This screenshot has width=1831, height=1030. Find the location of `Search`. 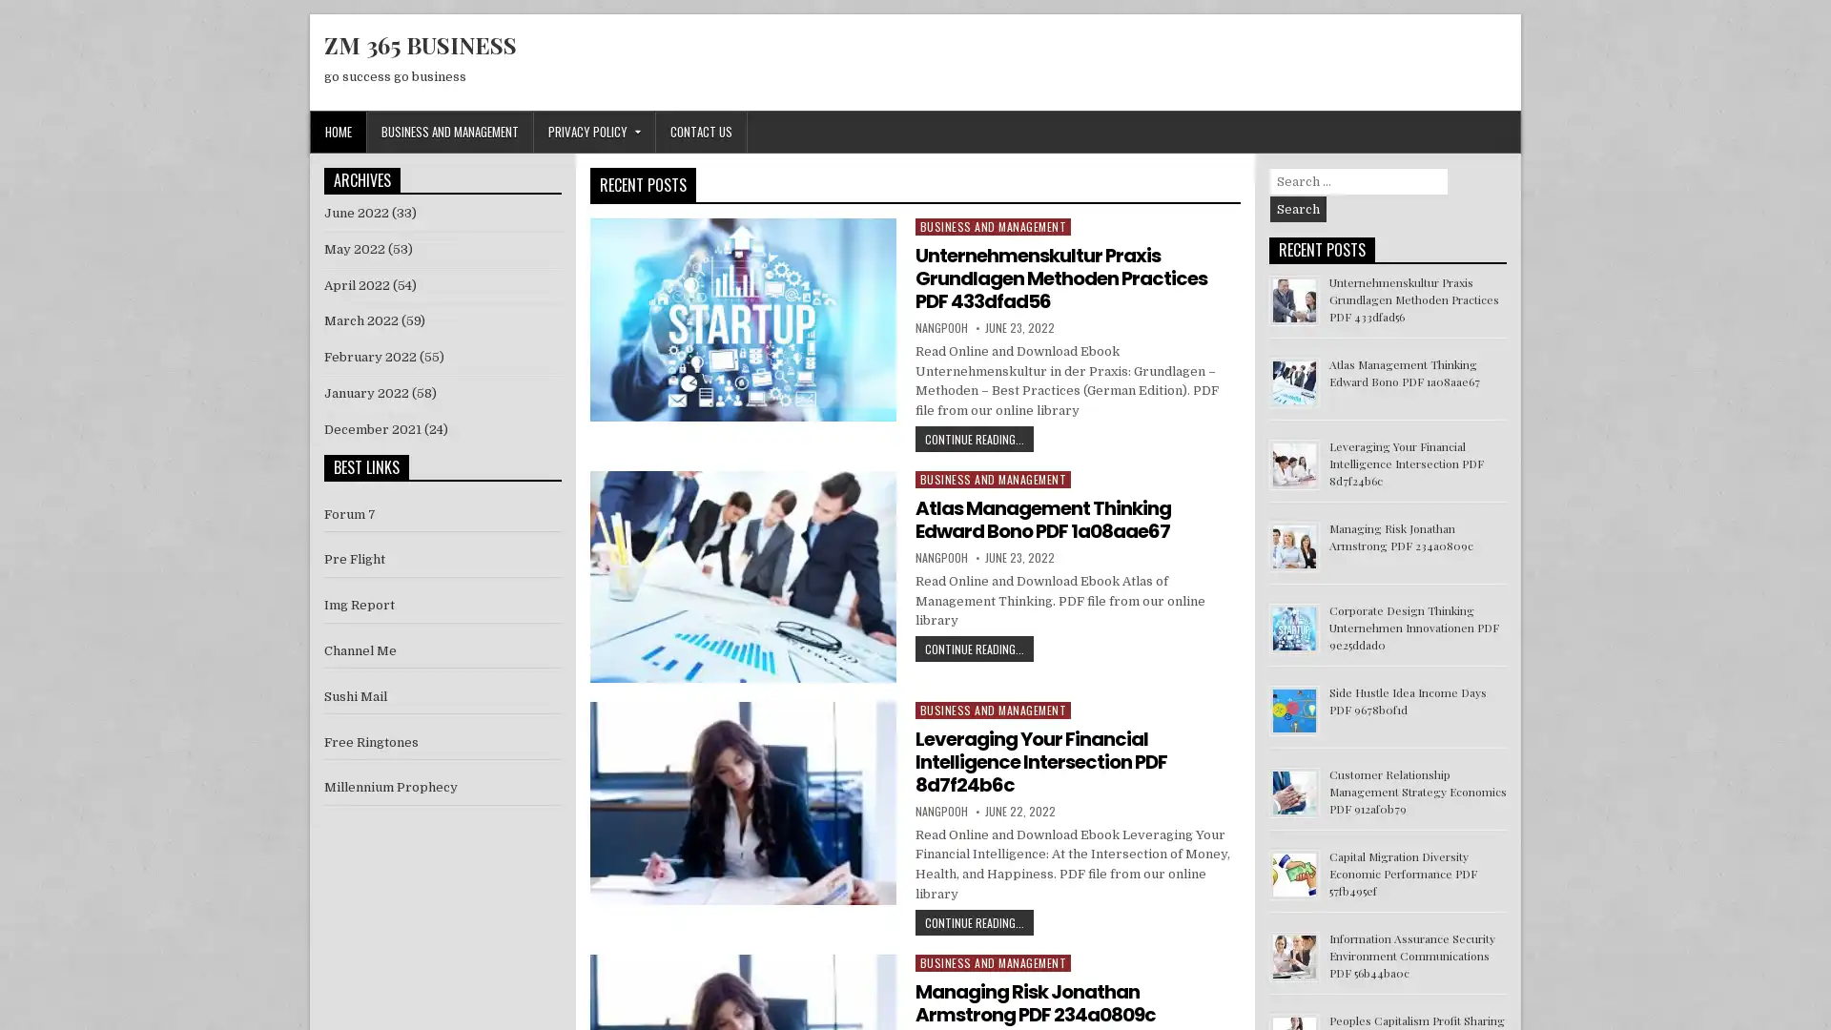

Search is located at coordinates (1297, 209).